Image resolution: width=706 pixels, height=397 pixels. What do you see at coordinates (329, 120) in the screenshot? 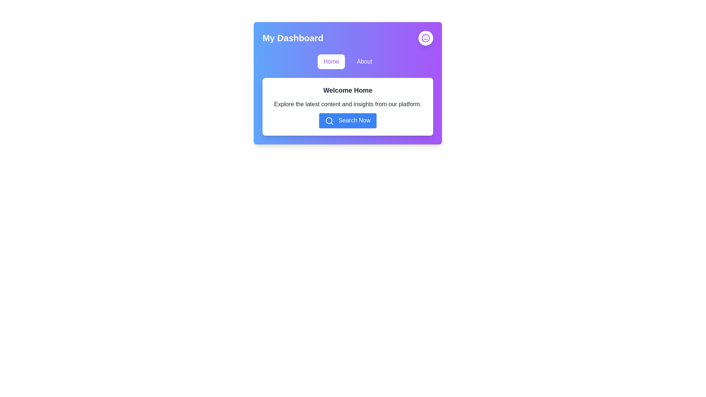
I see `the 'Search Now' button which contains a circular magnifying glass icon to initiate a search action` at bounding box center [329, 120].